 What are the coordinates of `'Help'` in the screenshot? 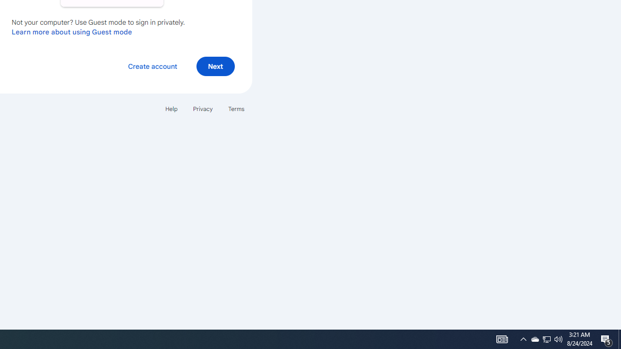 It's located at (171, 109).